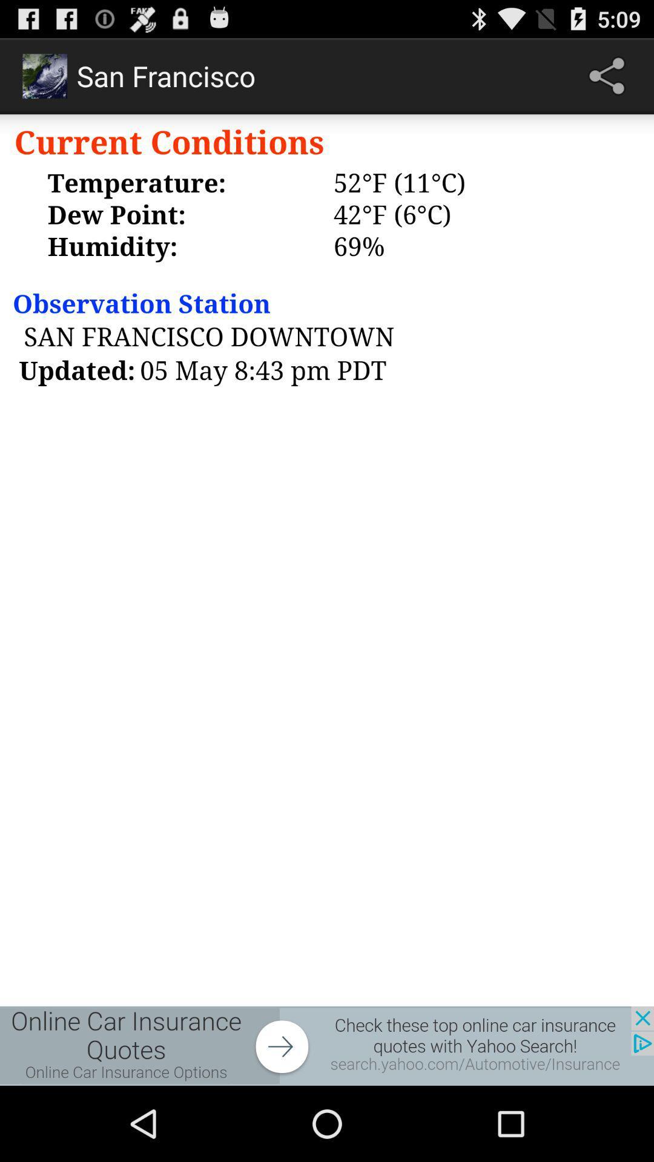  Describe the element at coordinates (327, 1045) in the screenshot. I see `the adversitement` at that location.